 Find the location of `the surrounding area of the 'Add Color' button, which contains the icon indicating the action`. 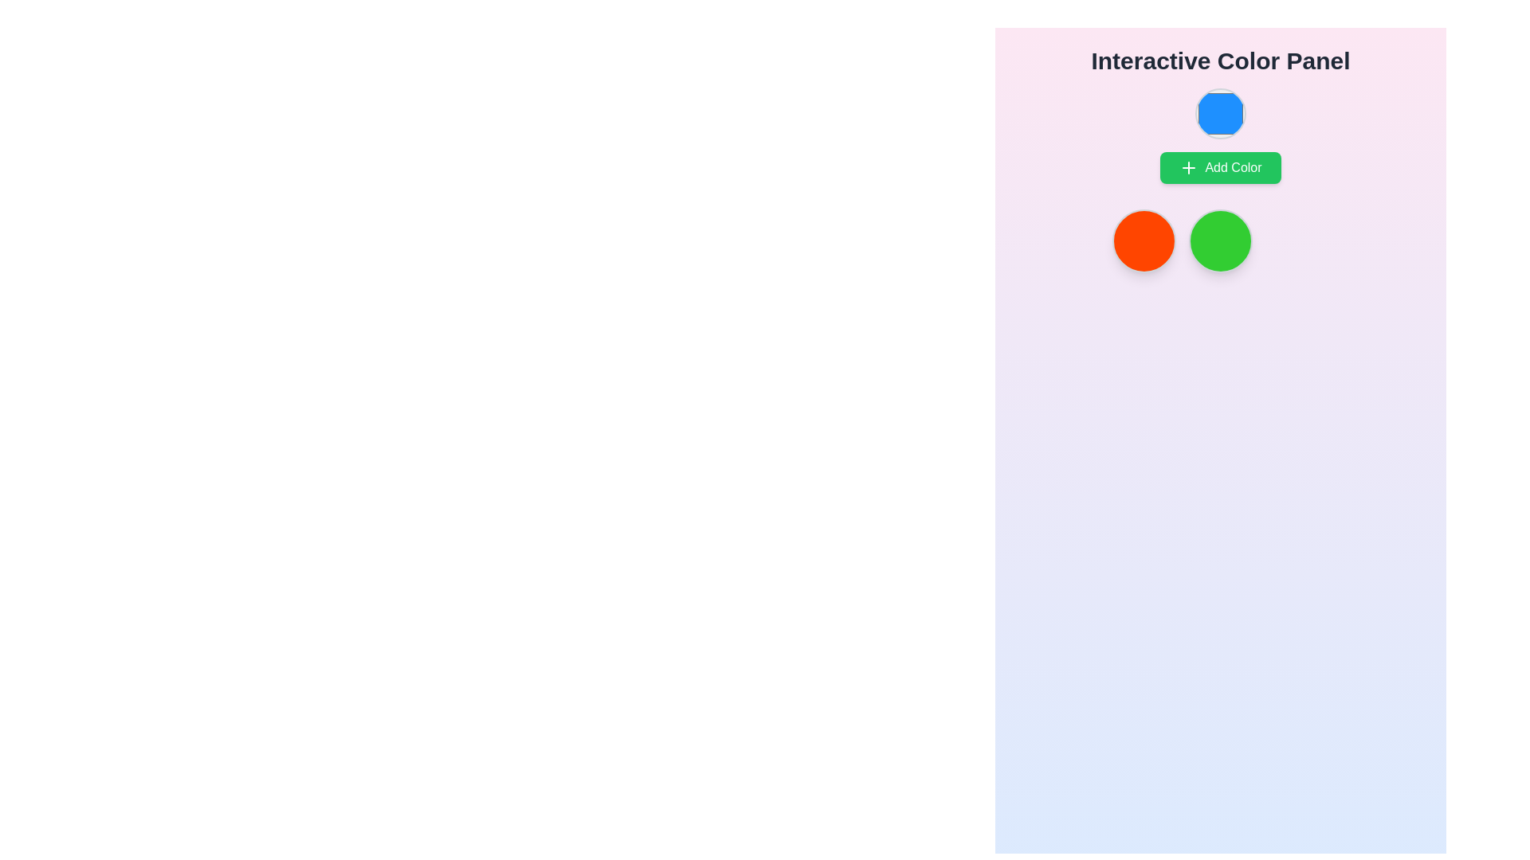

the surrounding area of the 'Add Color' button, which contains the icon indicating the action is located at coordinates (1189, 168).